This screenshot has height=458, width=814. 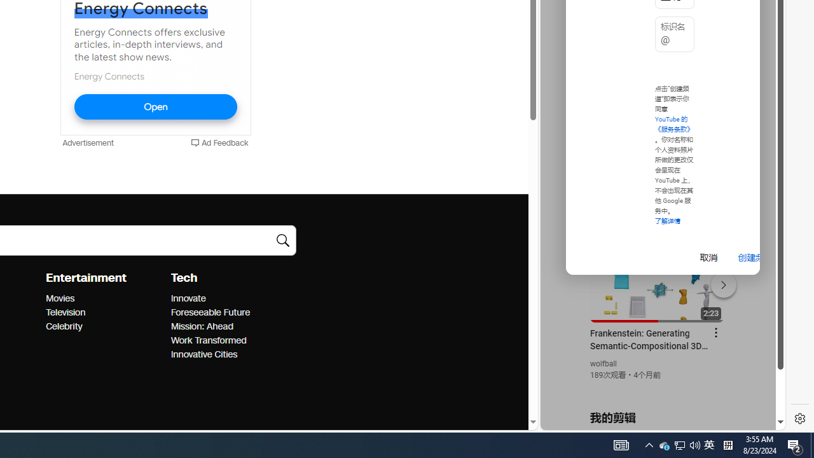 I want to click on 'Mission: Ahead', so click(x=229, y=326).